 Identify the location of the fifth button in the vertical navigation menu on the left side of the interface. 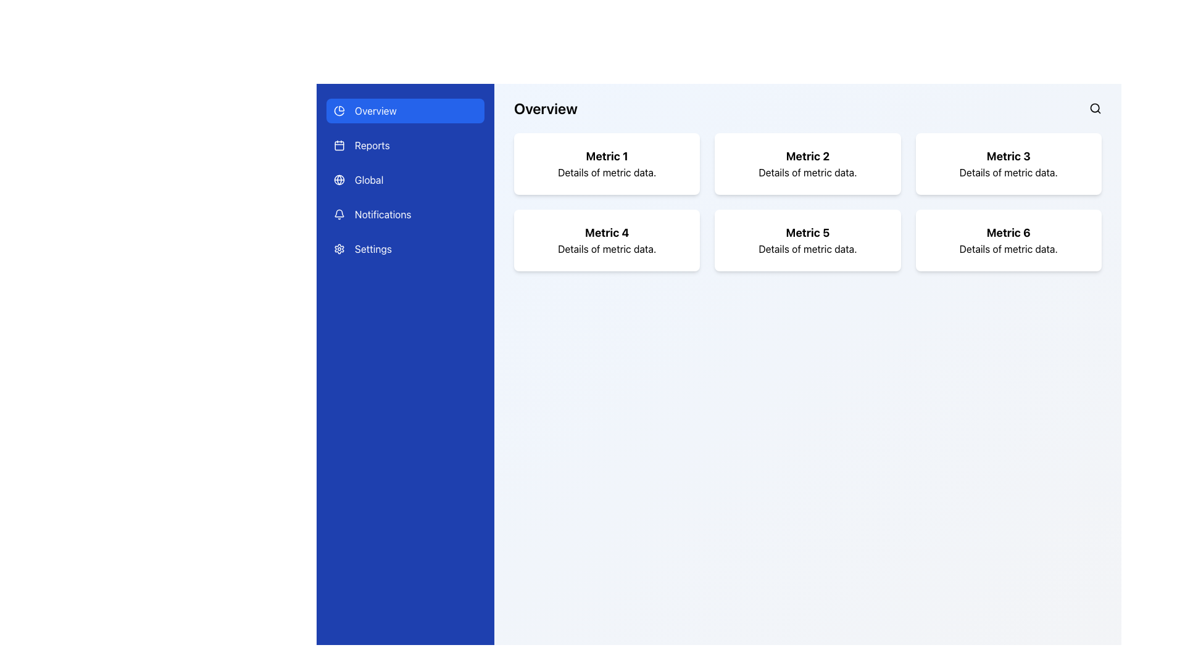
(405, 249).